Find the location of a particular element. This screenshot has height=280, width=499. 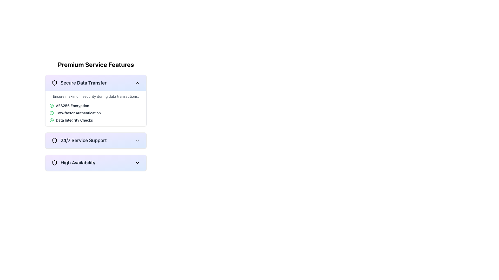

the Text Label that serves as an informational label related to data integrity security features, located as the third item in the list under the 'Secure Data Transfer' category, directly below the 'Two-factor Authentication' entry is located at coordinates (74, 120).